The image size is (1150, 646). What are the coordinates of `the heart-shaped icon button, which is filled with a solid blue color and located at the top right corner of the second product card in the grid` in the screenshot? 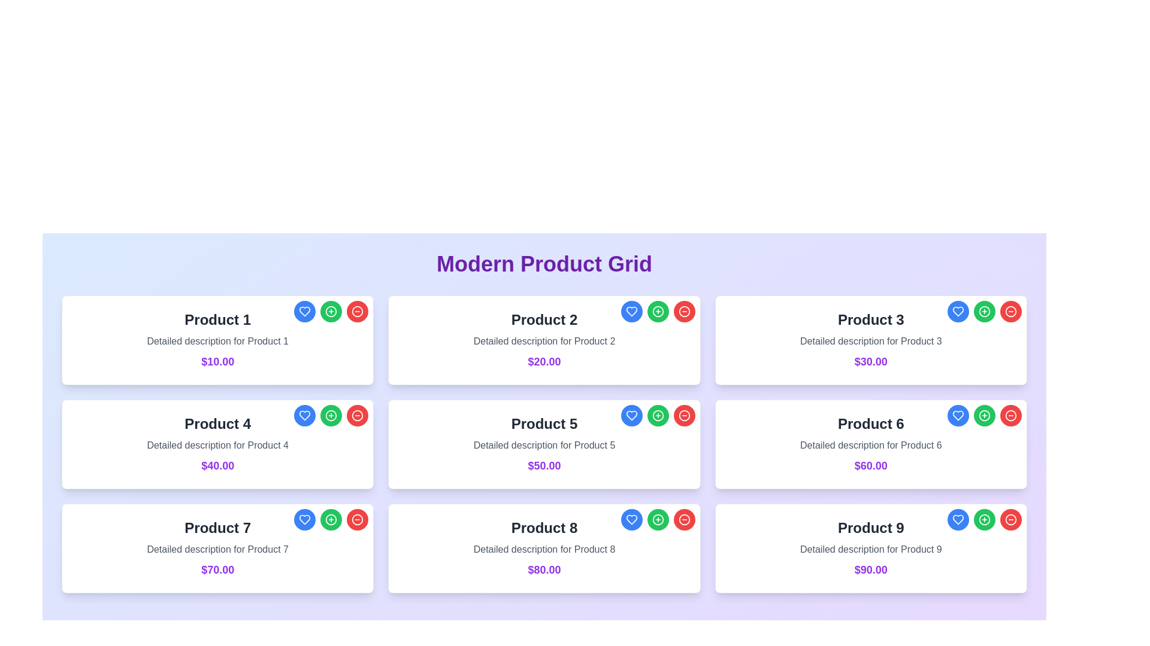 It's located at (631, 310).